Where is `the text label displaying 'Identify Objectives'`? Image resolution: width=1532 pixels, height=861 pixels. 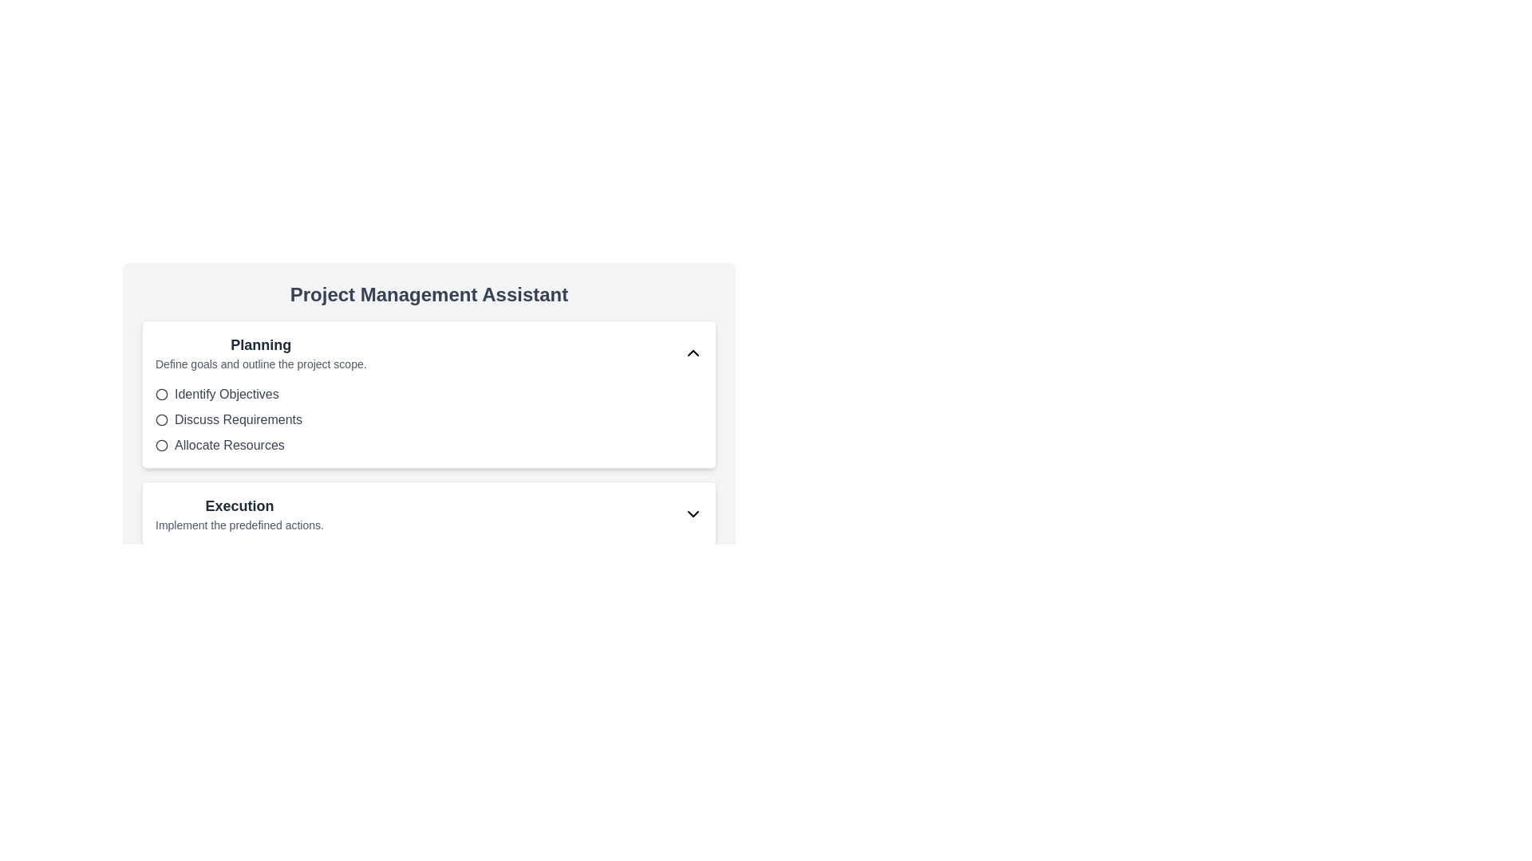 the text label displaying 'Identify Objectives' is located at coordinates (226, 394).